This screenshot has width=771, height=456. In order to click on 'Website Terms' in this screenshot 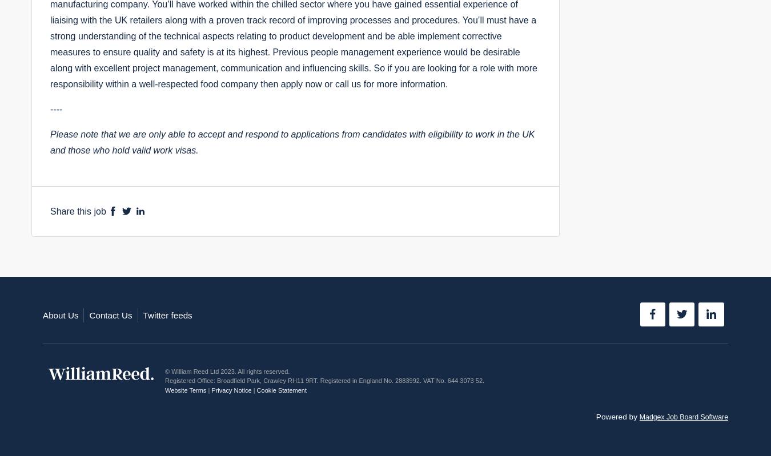, I will do `click(184, 389)`.